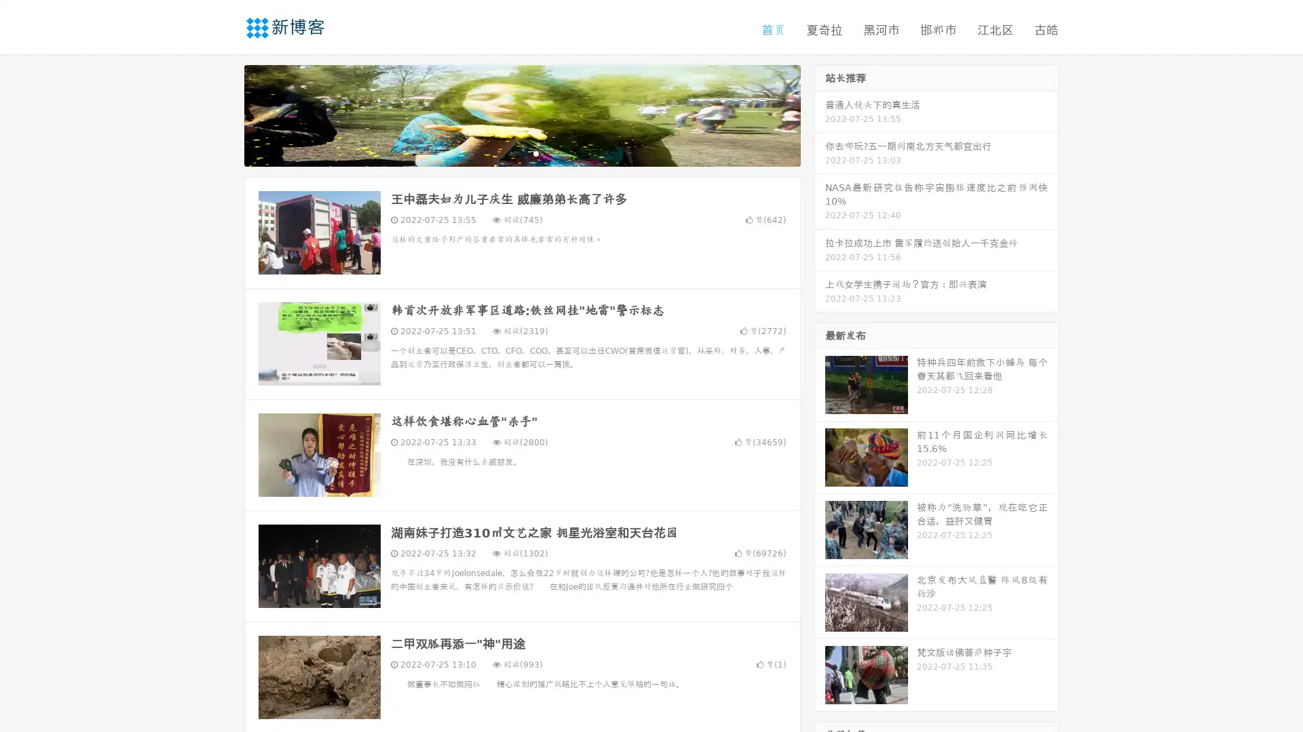  Describe the element at coordinates (820, 114) in the screenshot. I see `Next slide` at that location.